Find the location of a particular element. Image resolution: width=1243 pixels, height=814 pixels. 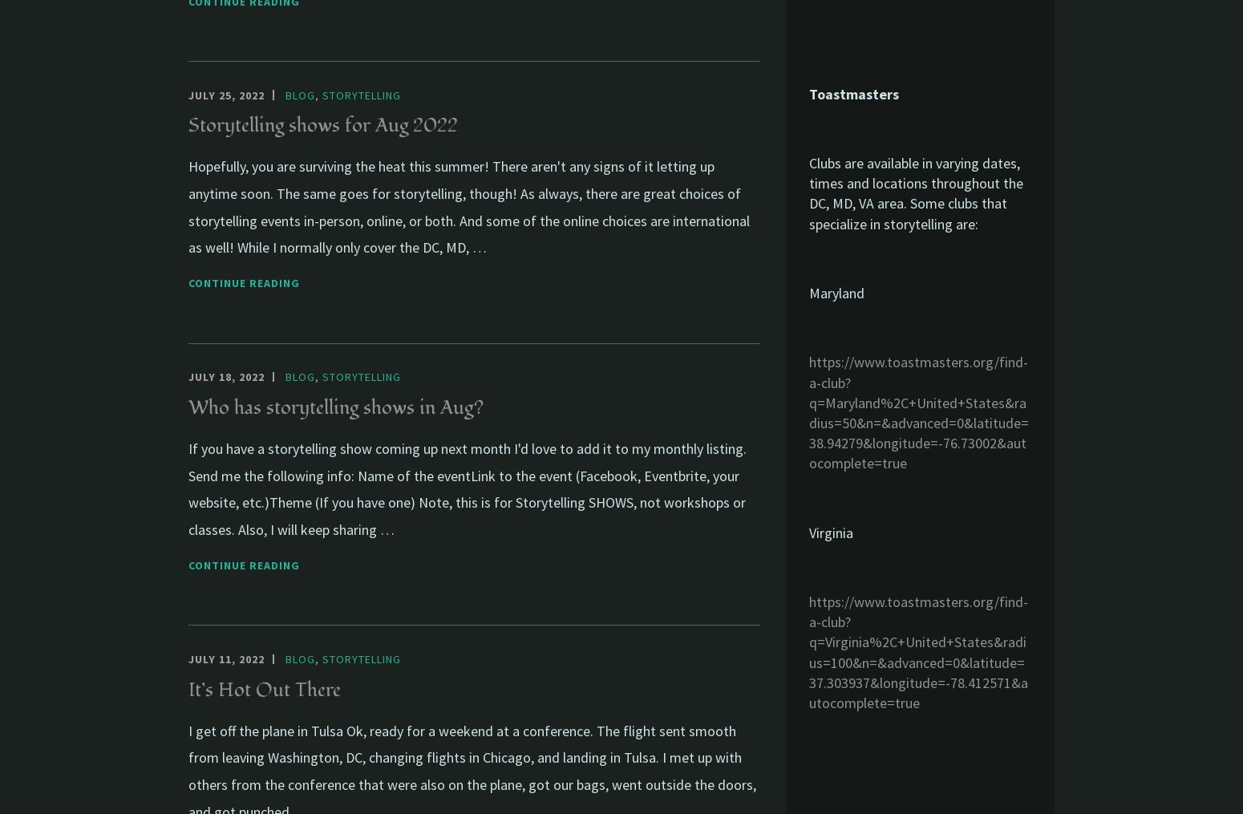

'July 18, 2022' is located at coordinates (226, 376).